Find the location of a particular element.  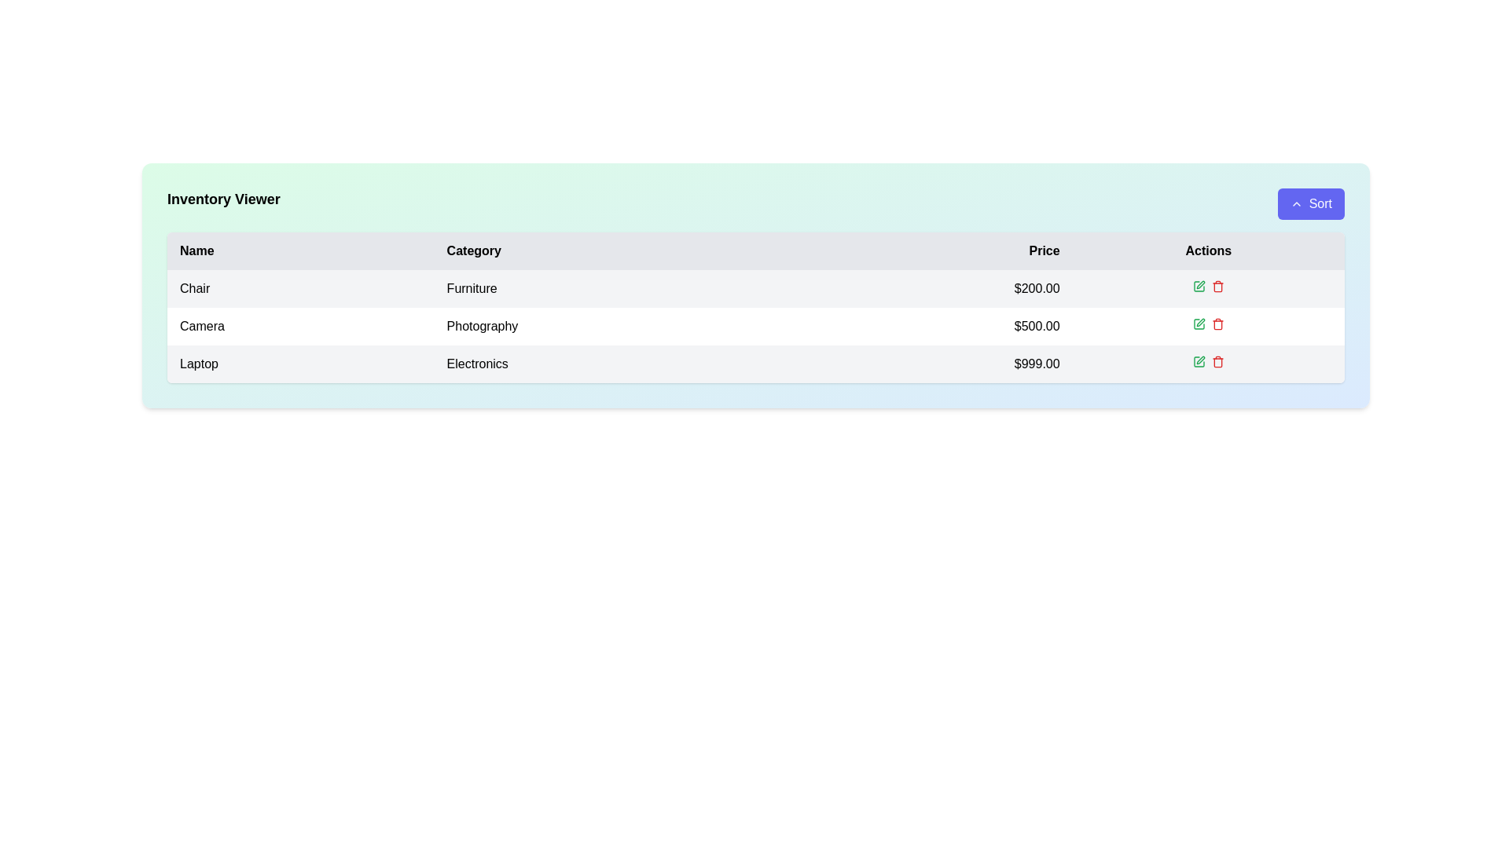

the sorting button located in the top-right corner of the 'Inventory Viewer' section is located at coordinates (1311, 203).